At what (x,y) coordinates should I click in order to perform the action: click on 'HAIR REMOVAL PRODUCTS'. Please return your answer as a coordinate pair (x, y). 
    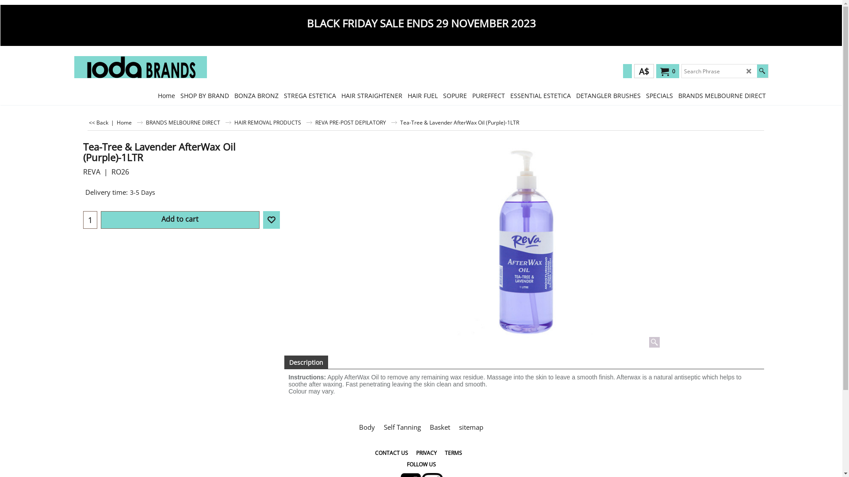
    Looking at the image, I should click on (234, 122).